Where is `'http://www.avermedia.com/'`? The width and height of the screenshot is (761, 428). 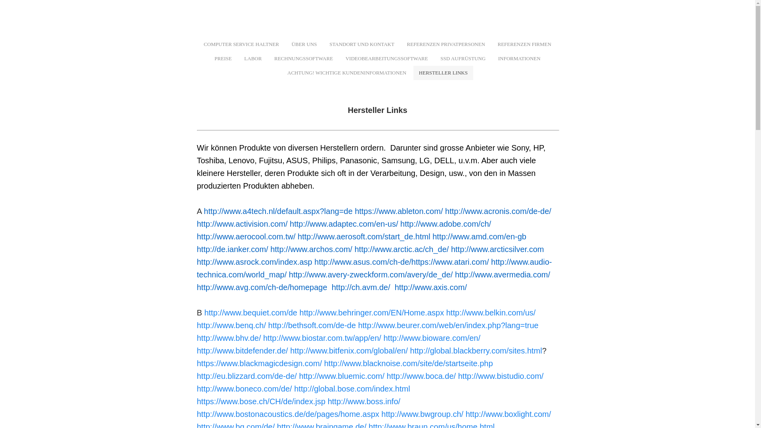
'http://www.avermedia.com/' is located at coordinates (502, 274).